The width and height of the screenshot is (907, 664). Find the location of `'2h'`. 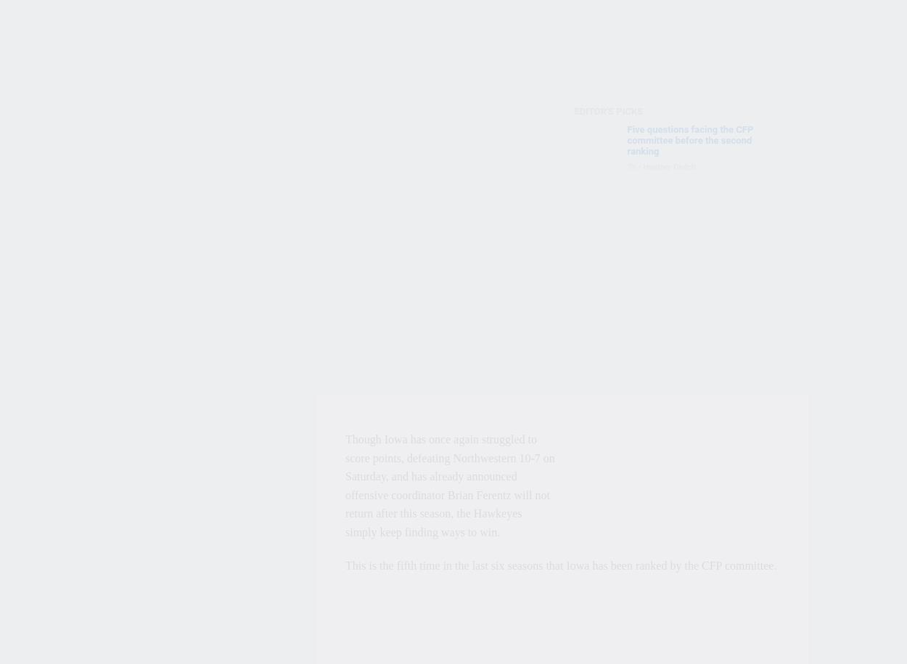

'2h' is located at coordinates (626, 226).